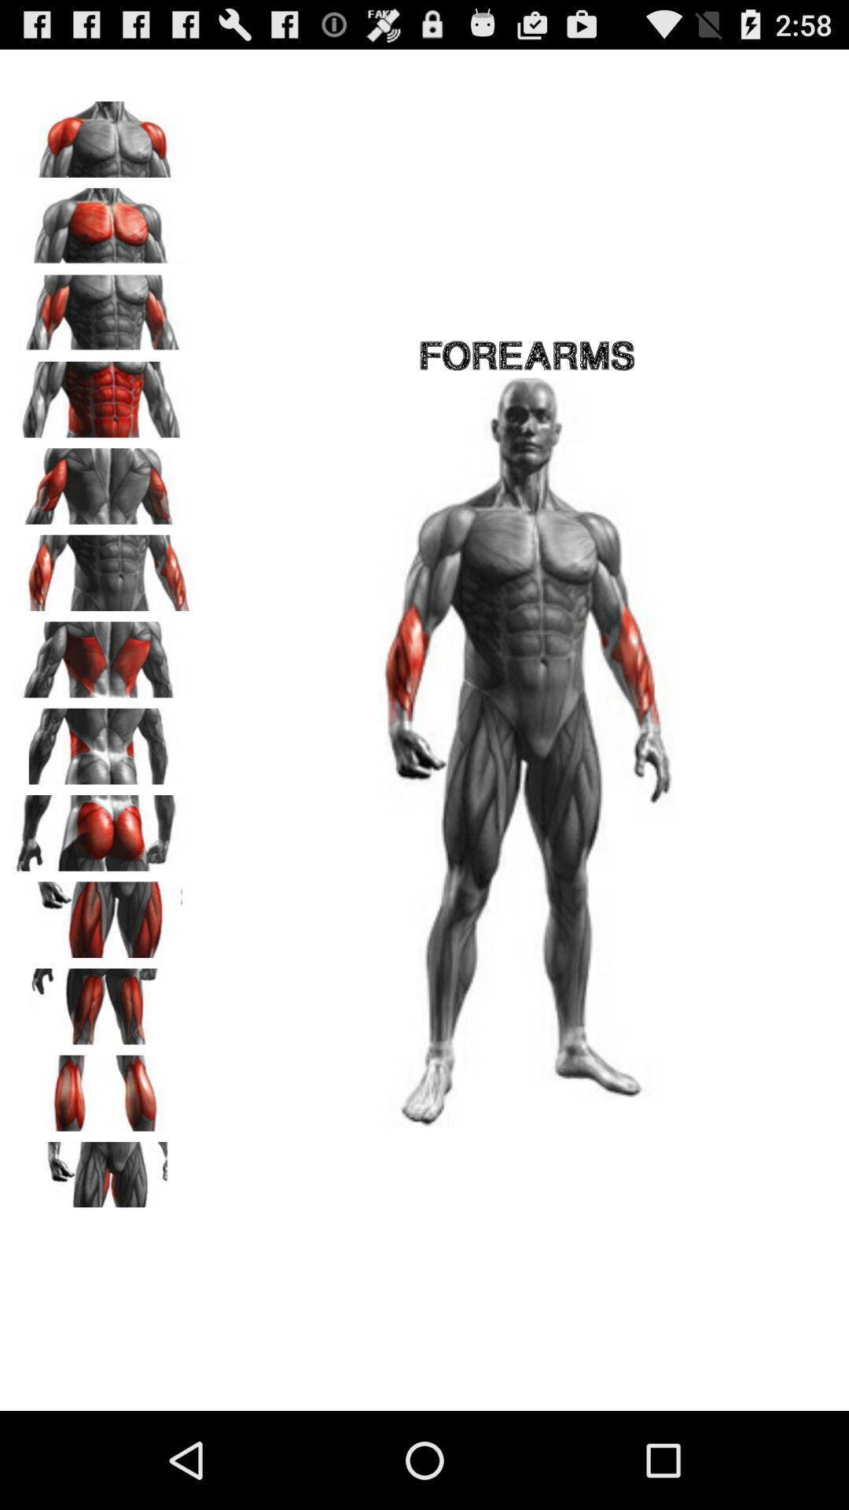 This screenshot has height=1510, width=849. Describe the element at coordinates (103, 1164) in the screenshot. I see `the pause icon` at that location.